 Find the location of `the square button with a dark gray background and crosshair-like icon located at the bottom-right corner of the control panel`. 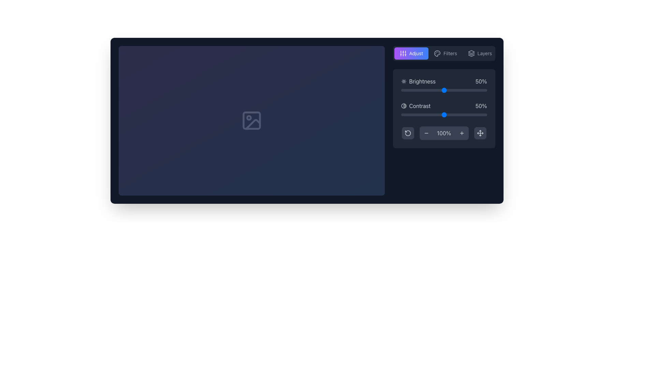

the square button with a dark gray background and crosshair-like icon located at the bottom-right corner of the control panel is located at coordinates (480, 133).